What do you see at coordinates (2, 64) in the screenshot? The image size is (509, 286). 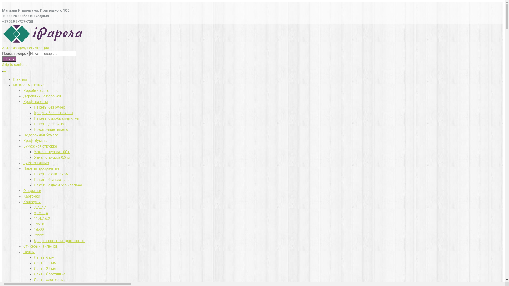 I see `'Skip to content'` at bounding box center [2, 64].